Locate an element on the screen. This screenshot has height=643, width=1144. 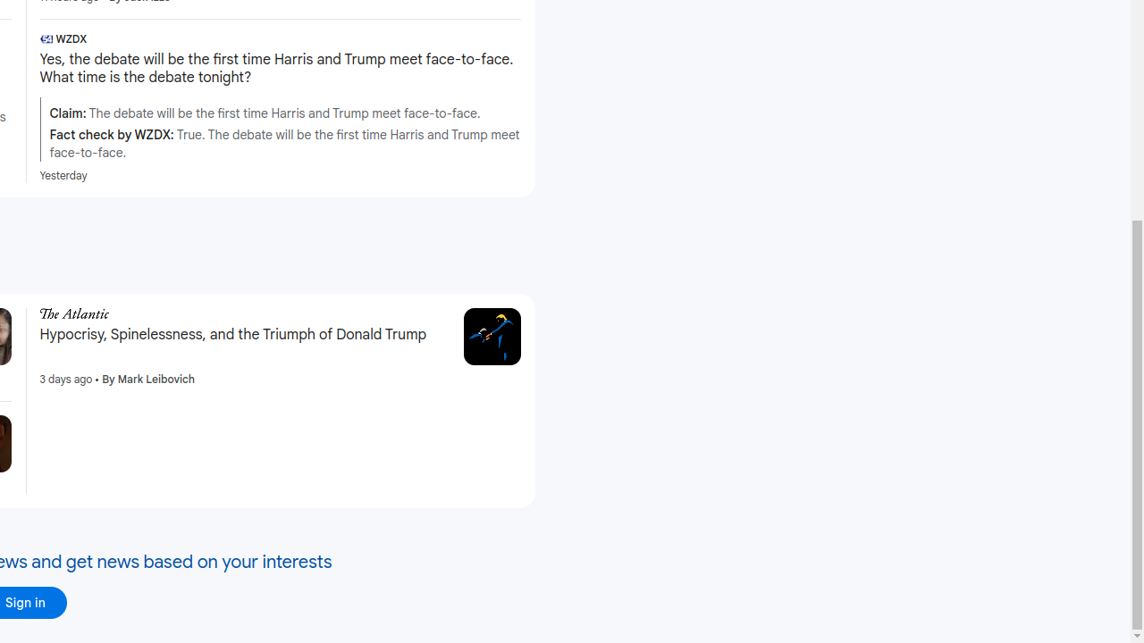
'Yes, the debate will be the first time Harris and Trump meet face-to-face. What time is the debate tonight?' is located at coordinates (279, 67).